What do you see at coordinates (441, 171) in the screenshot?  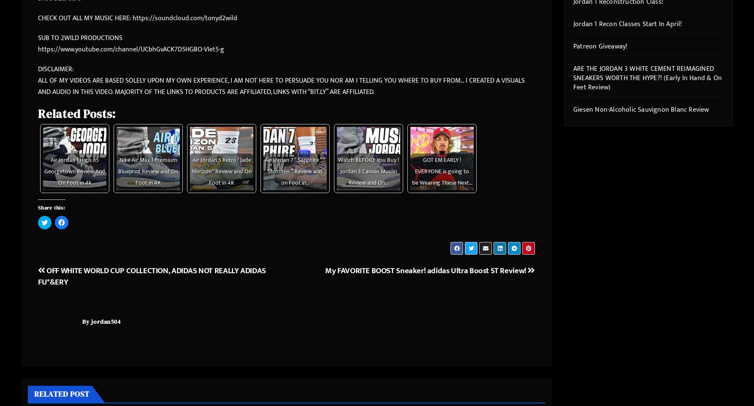 I see `'GOT EM EARLY ! EVERYONE is going to be Wearing These Next…'` at bounding box center [441, 171].